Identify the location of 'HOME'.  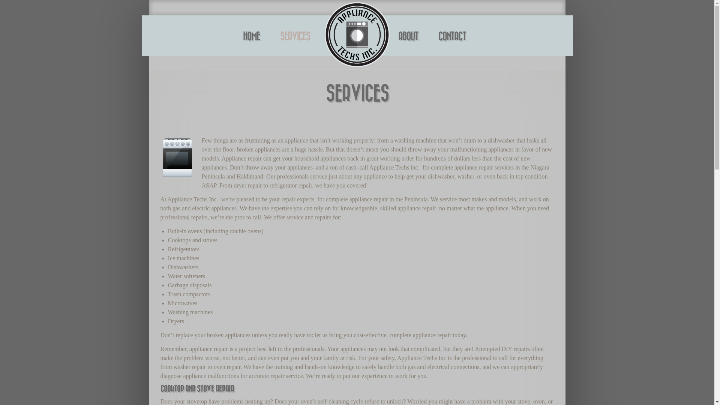
(251, 37).